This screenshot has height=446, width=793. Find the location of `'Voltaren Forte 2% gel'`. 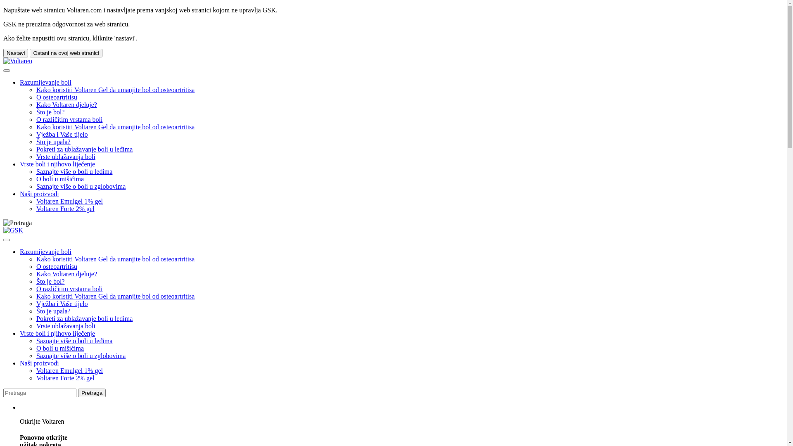

'Voltaren Forte 2% gel' is located at coordinates (65, 378).